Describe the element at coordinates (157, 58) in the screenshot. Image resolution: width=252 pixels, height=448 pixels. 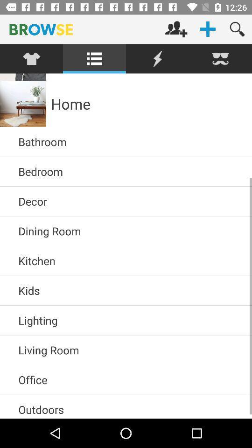
I see `click current option` at that location.